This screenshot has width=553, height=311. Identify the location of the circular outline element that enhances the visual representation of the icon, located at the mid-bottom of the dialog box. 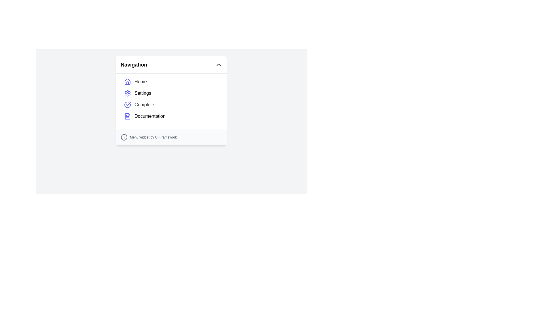
(124, 137).